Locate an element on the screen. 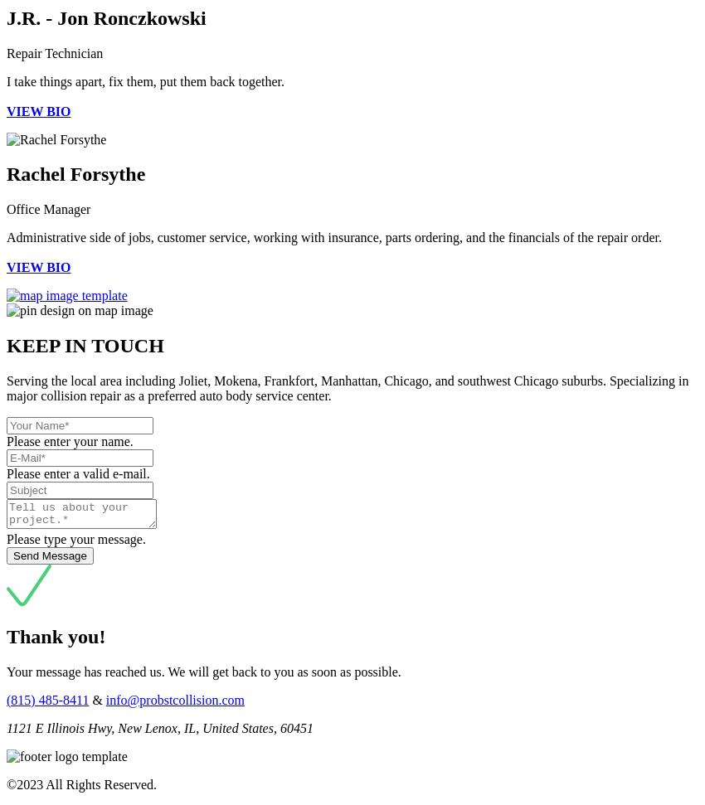 Image resolution: width=705 pixels, height=805 pixels. 'Serving the local area including Joliet, Mokena, Frankfort, Manhattan, Chicago, and southwest Chicago suburbs. Specializing in major collision repair as a preferred auto body service center.' is located at coordinates (347, 388).